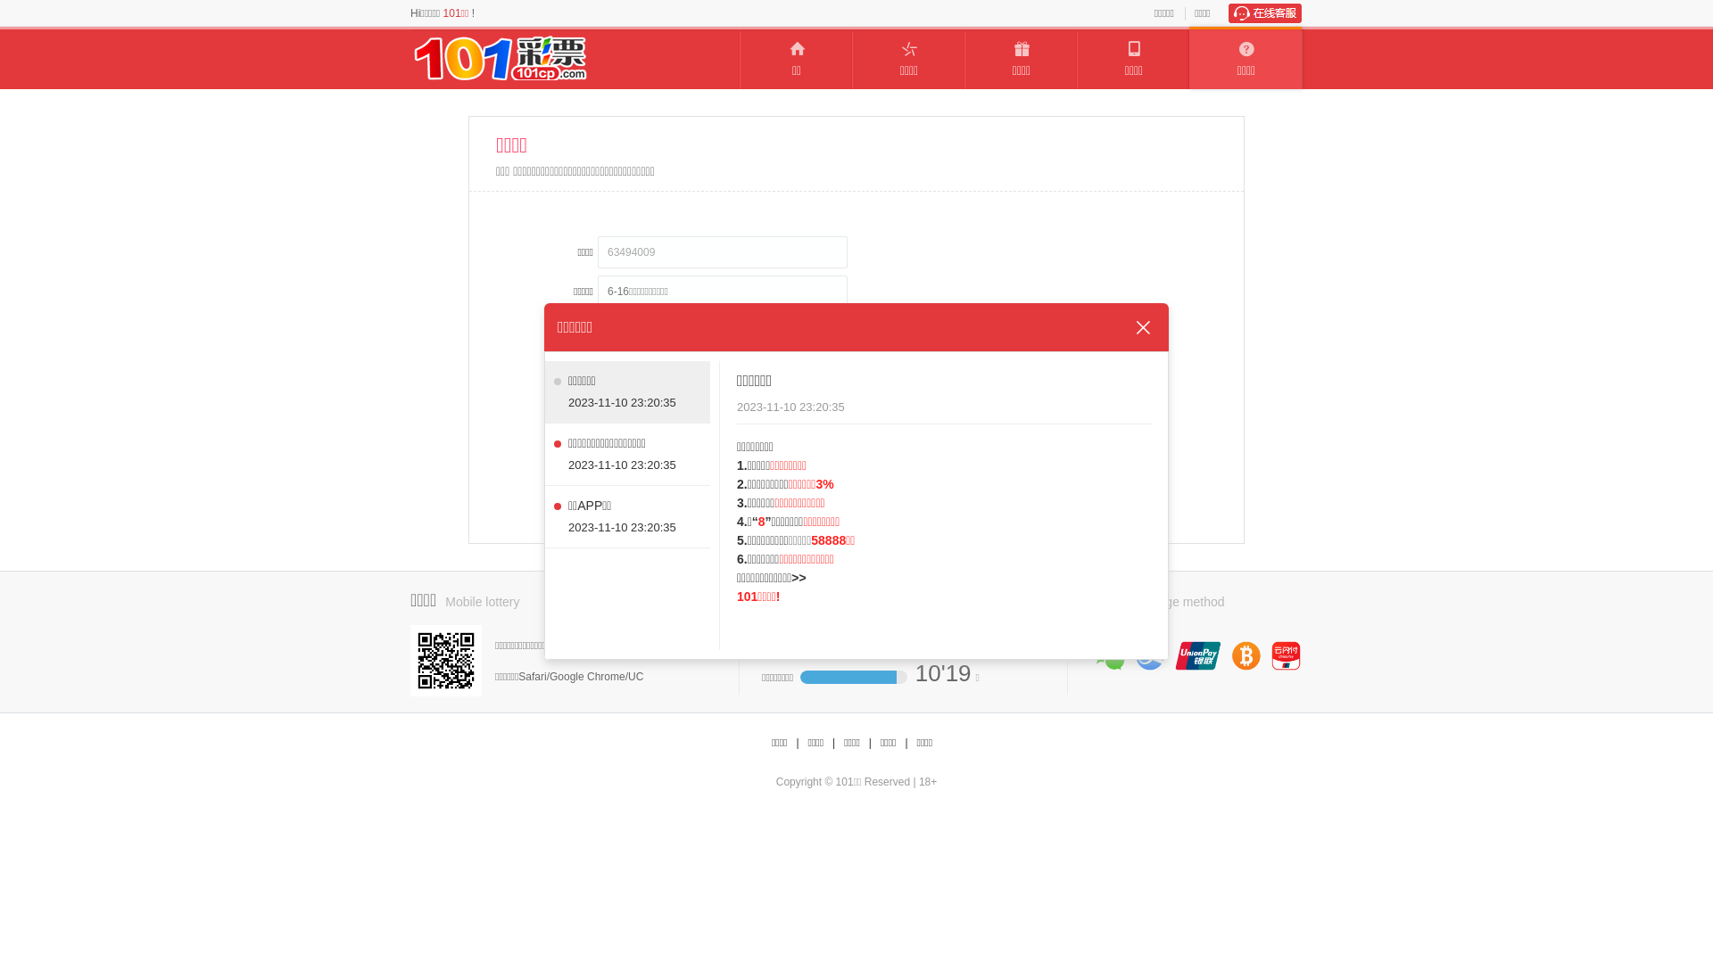 This screenshot has width=1713, height=963. What do you see at coordinates (831, 743) in the screenshot?
I see `'|'` at bounding box center [831, 743].